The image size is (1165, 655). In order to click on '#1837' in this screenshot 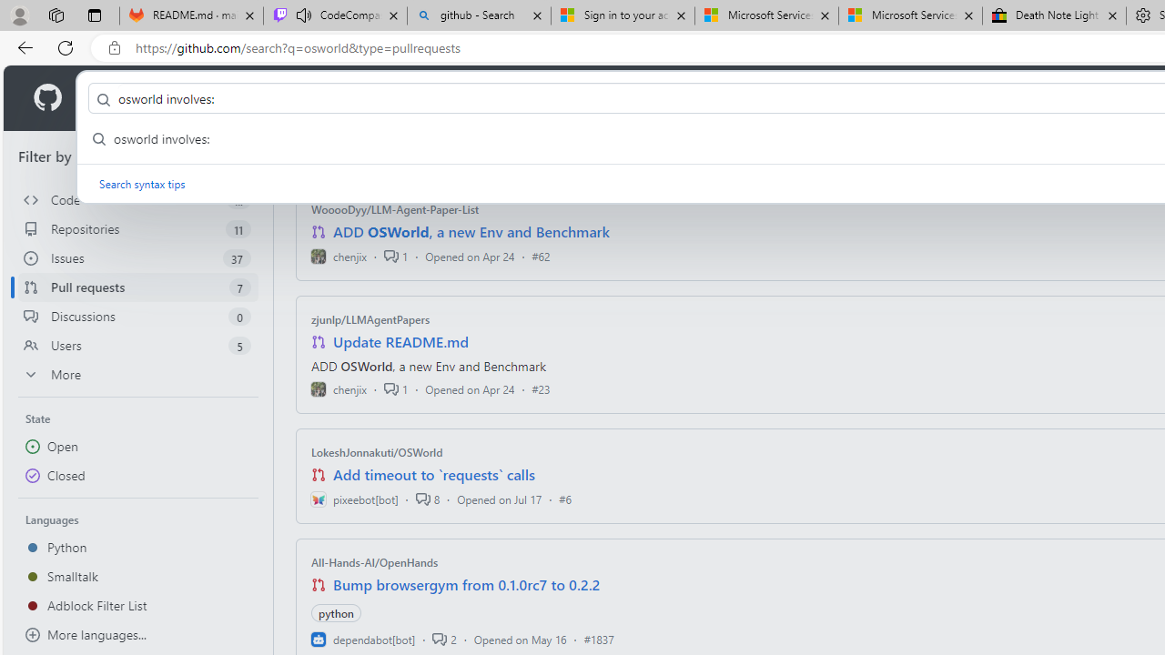, I will do `click(598, 638)`.